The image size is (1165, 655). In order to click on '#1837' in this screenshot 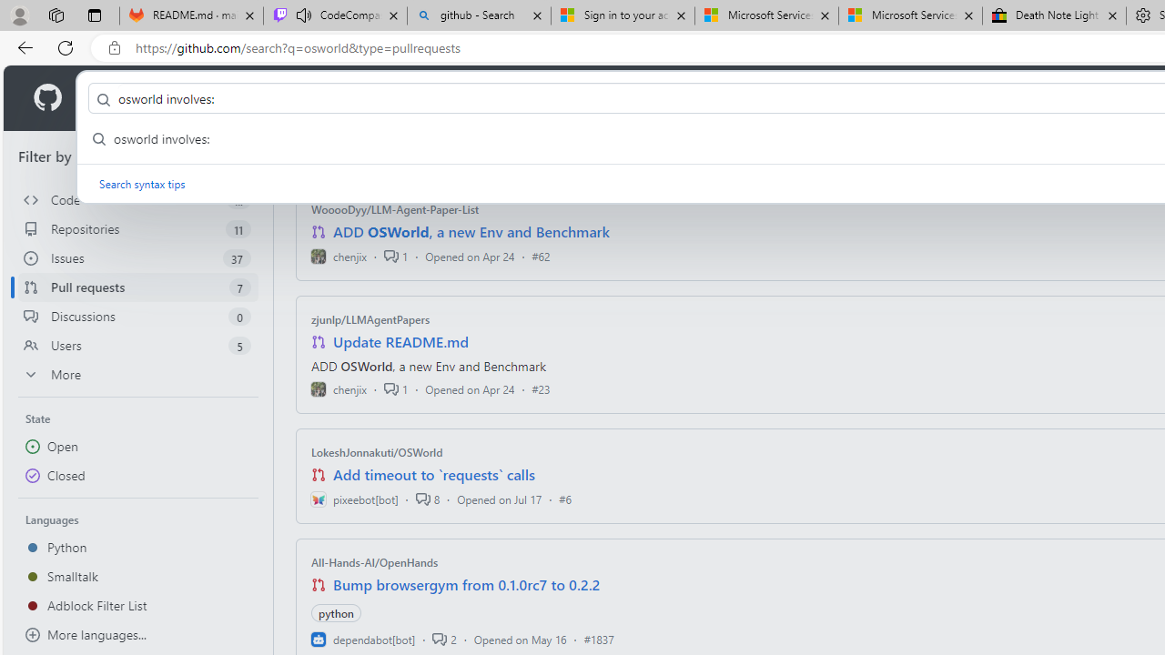, I will do `click(598, 638)`.